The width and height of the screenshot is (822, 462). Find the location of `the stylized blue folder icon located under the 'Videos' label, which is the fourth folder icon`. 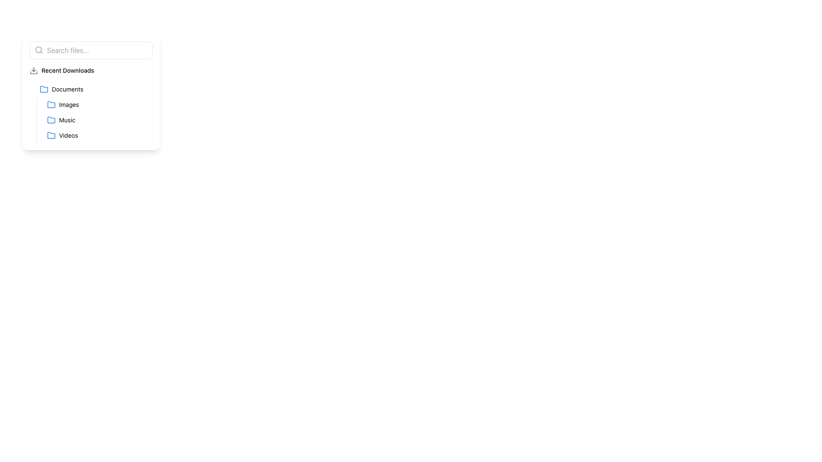

the stylized blue folder icon located under the 'Videos' label, which is the fourth folder icon is located at coordinates (51, 135).